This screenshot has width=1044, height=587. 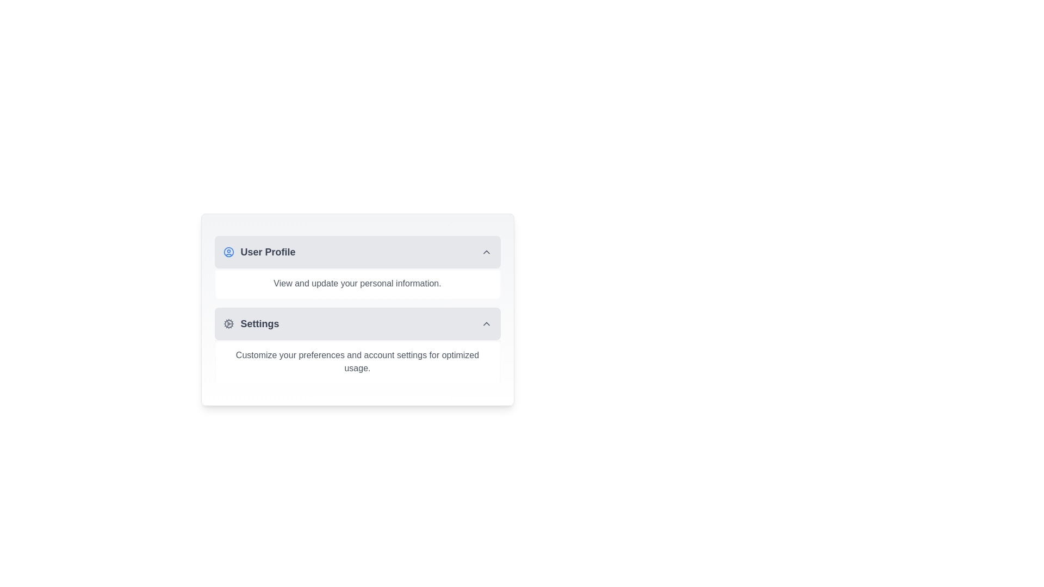 I want to click on the 'Settings' text label, which is styled in a sans-serif font and positioned next to a cog icon in the User Profile section, so click(x=259, y=323).